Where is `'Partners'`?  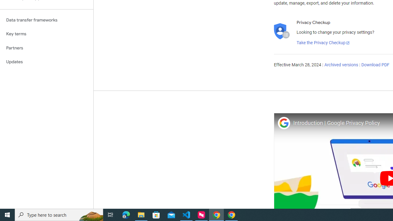
'Partners' is located at coordinates (46, 48).